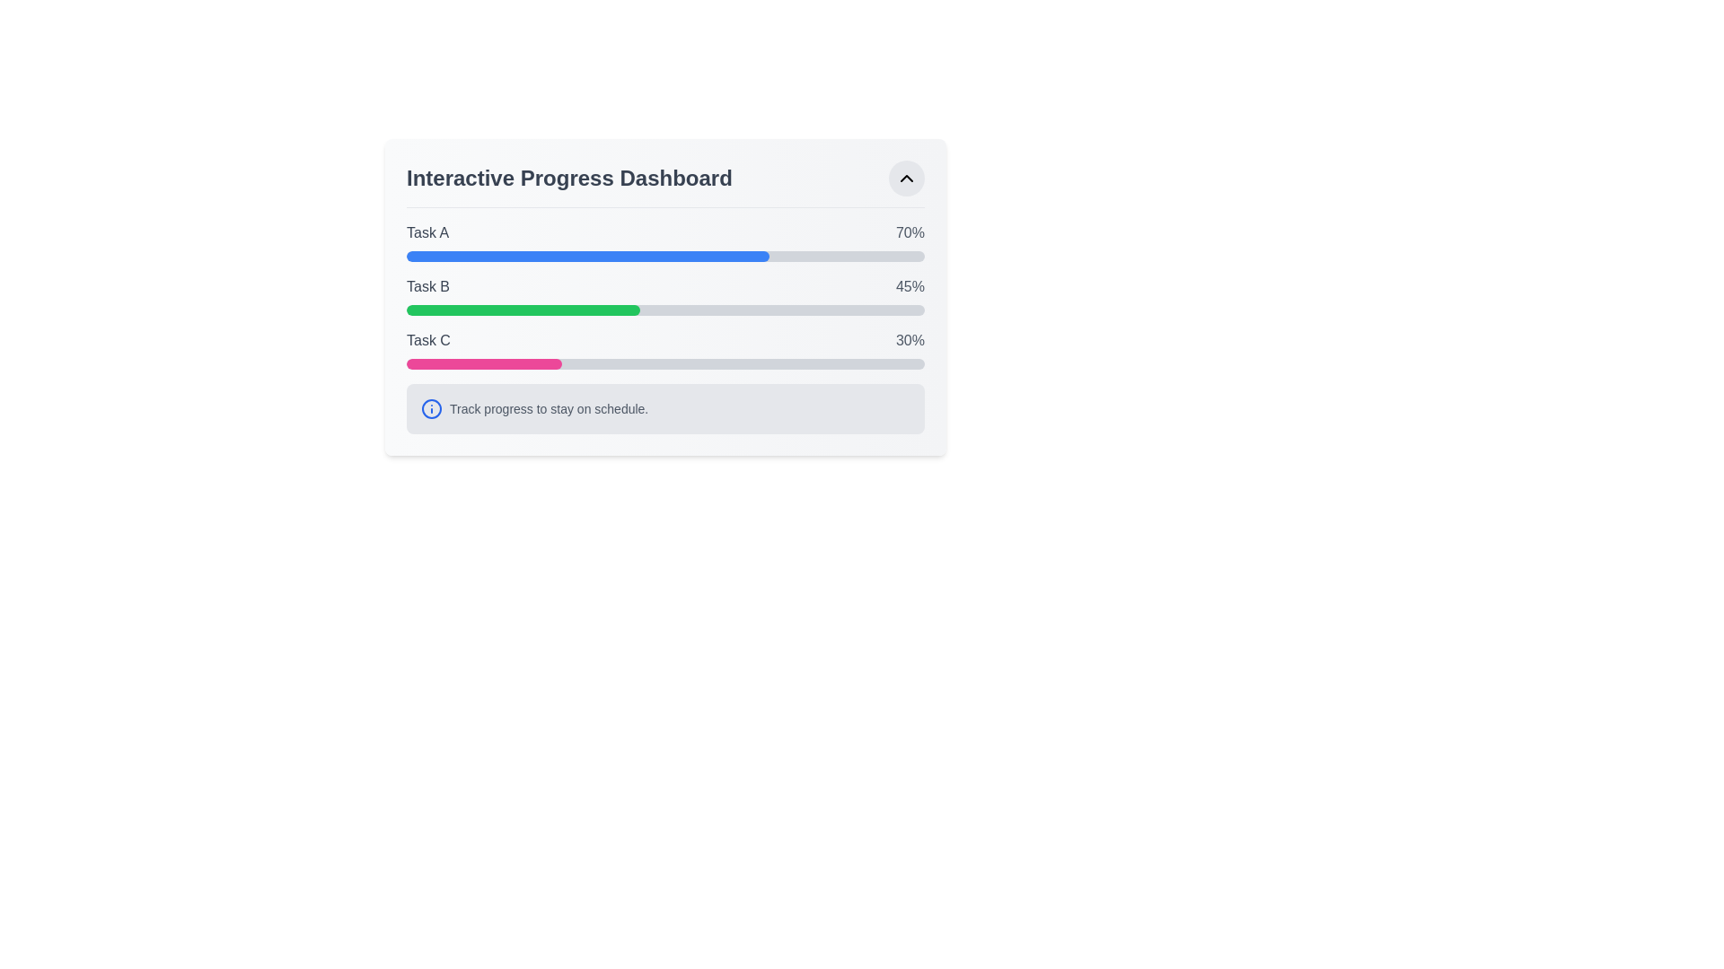 This screenshot has width=1724, height=969. I want to click on the Progress bar representing 45% completion of 'Task B' in the progress dashboard, so click(522, 310).